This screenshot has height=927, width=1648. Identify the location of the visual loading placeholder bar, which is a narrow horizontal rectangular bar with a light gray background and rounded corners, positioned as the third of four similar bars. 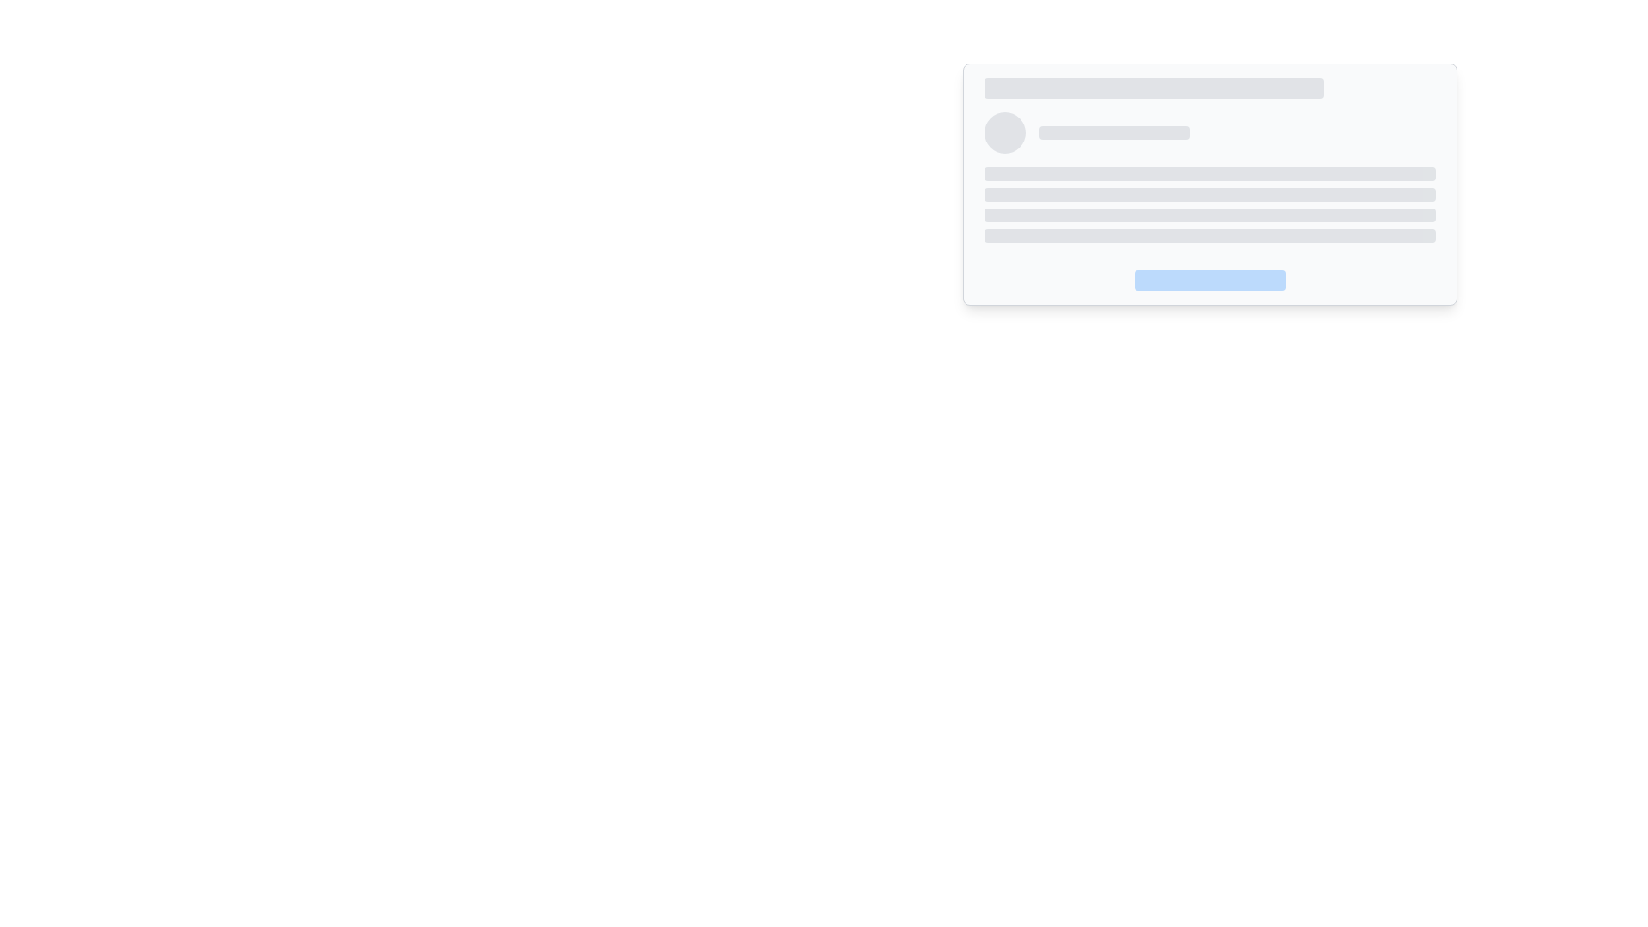
(1209, 214).